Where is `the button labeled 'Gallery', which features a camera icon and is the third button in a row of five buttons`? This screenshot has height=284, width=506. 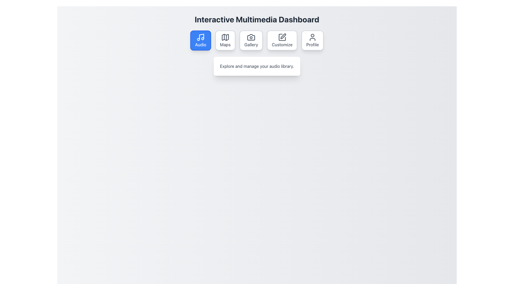
the button labeled 'Gallery', which features a camera icon and is the third button in a row of five buttons is located at coordinates (251, 40).